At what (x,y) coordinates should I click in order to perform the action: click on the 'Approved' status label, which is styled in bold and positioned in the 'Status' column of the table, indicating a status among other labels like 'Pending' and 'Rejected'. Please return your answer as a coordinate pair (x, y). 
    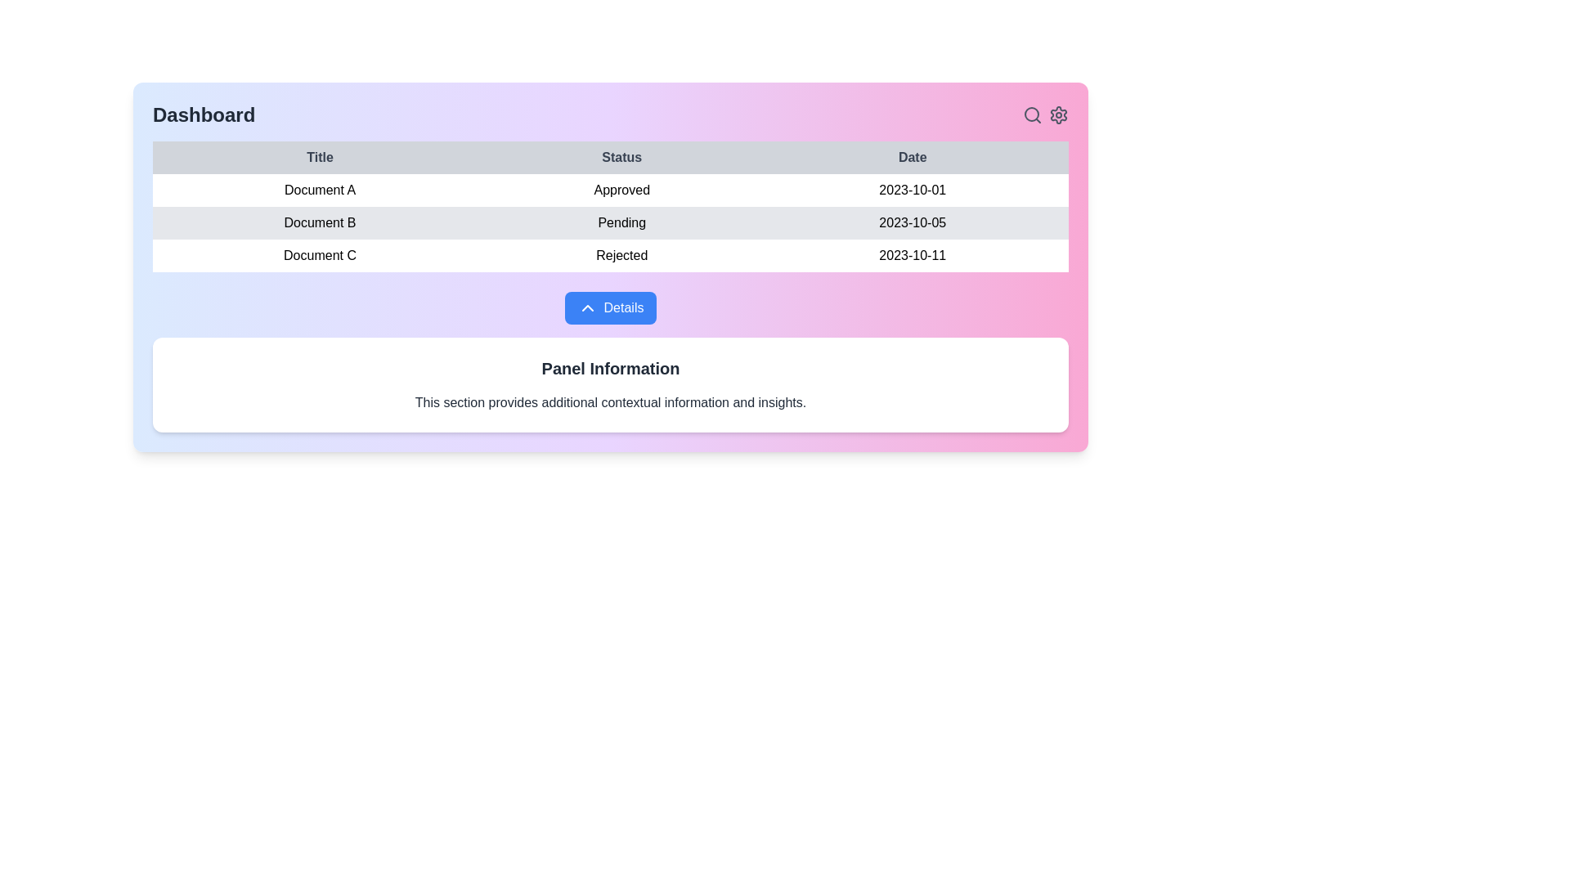
    Looking at the image, I should click on (621, 189).